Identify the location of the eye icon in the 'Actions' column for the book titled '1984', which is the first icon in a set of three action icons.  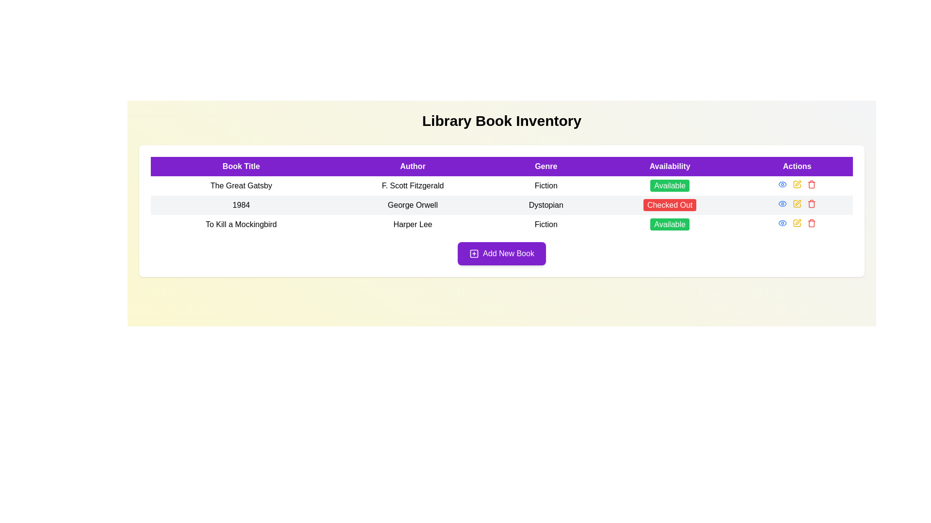
(783, 185).